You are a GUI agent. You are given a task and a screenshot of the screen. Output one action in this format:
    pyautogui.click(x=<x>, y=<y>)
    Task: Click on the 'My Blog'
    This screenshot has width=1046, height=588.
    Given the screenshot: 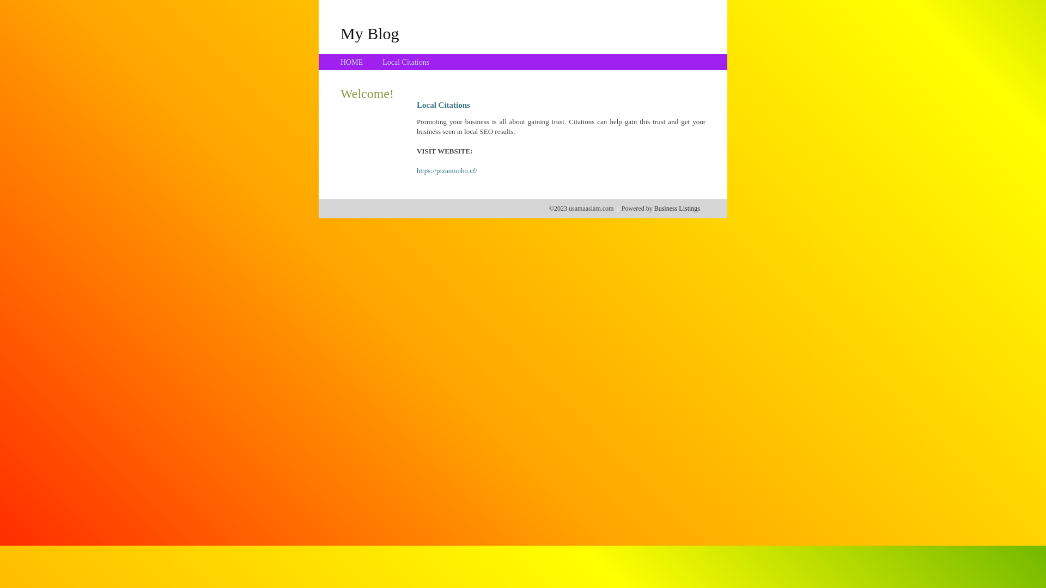 What is the action you would take?
    pyautogui.click(x=369, y=33)
    